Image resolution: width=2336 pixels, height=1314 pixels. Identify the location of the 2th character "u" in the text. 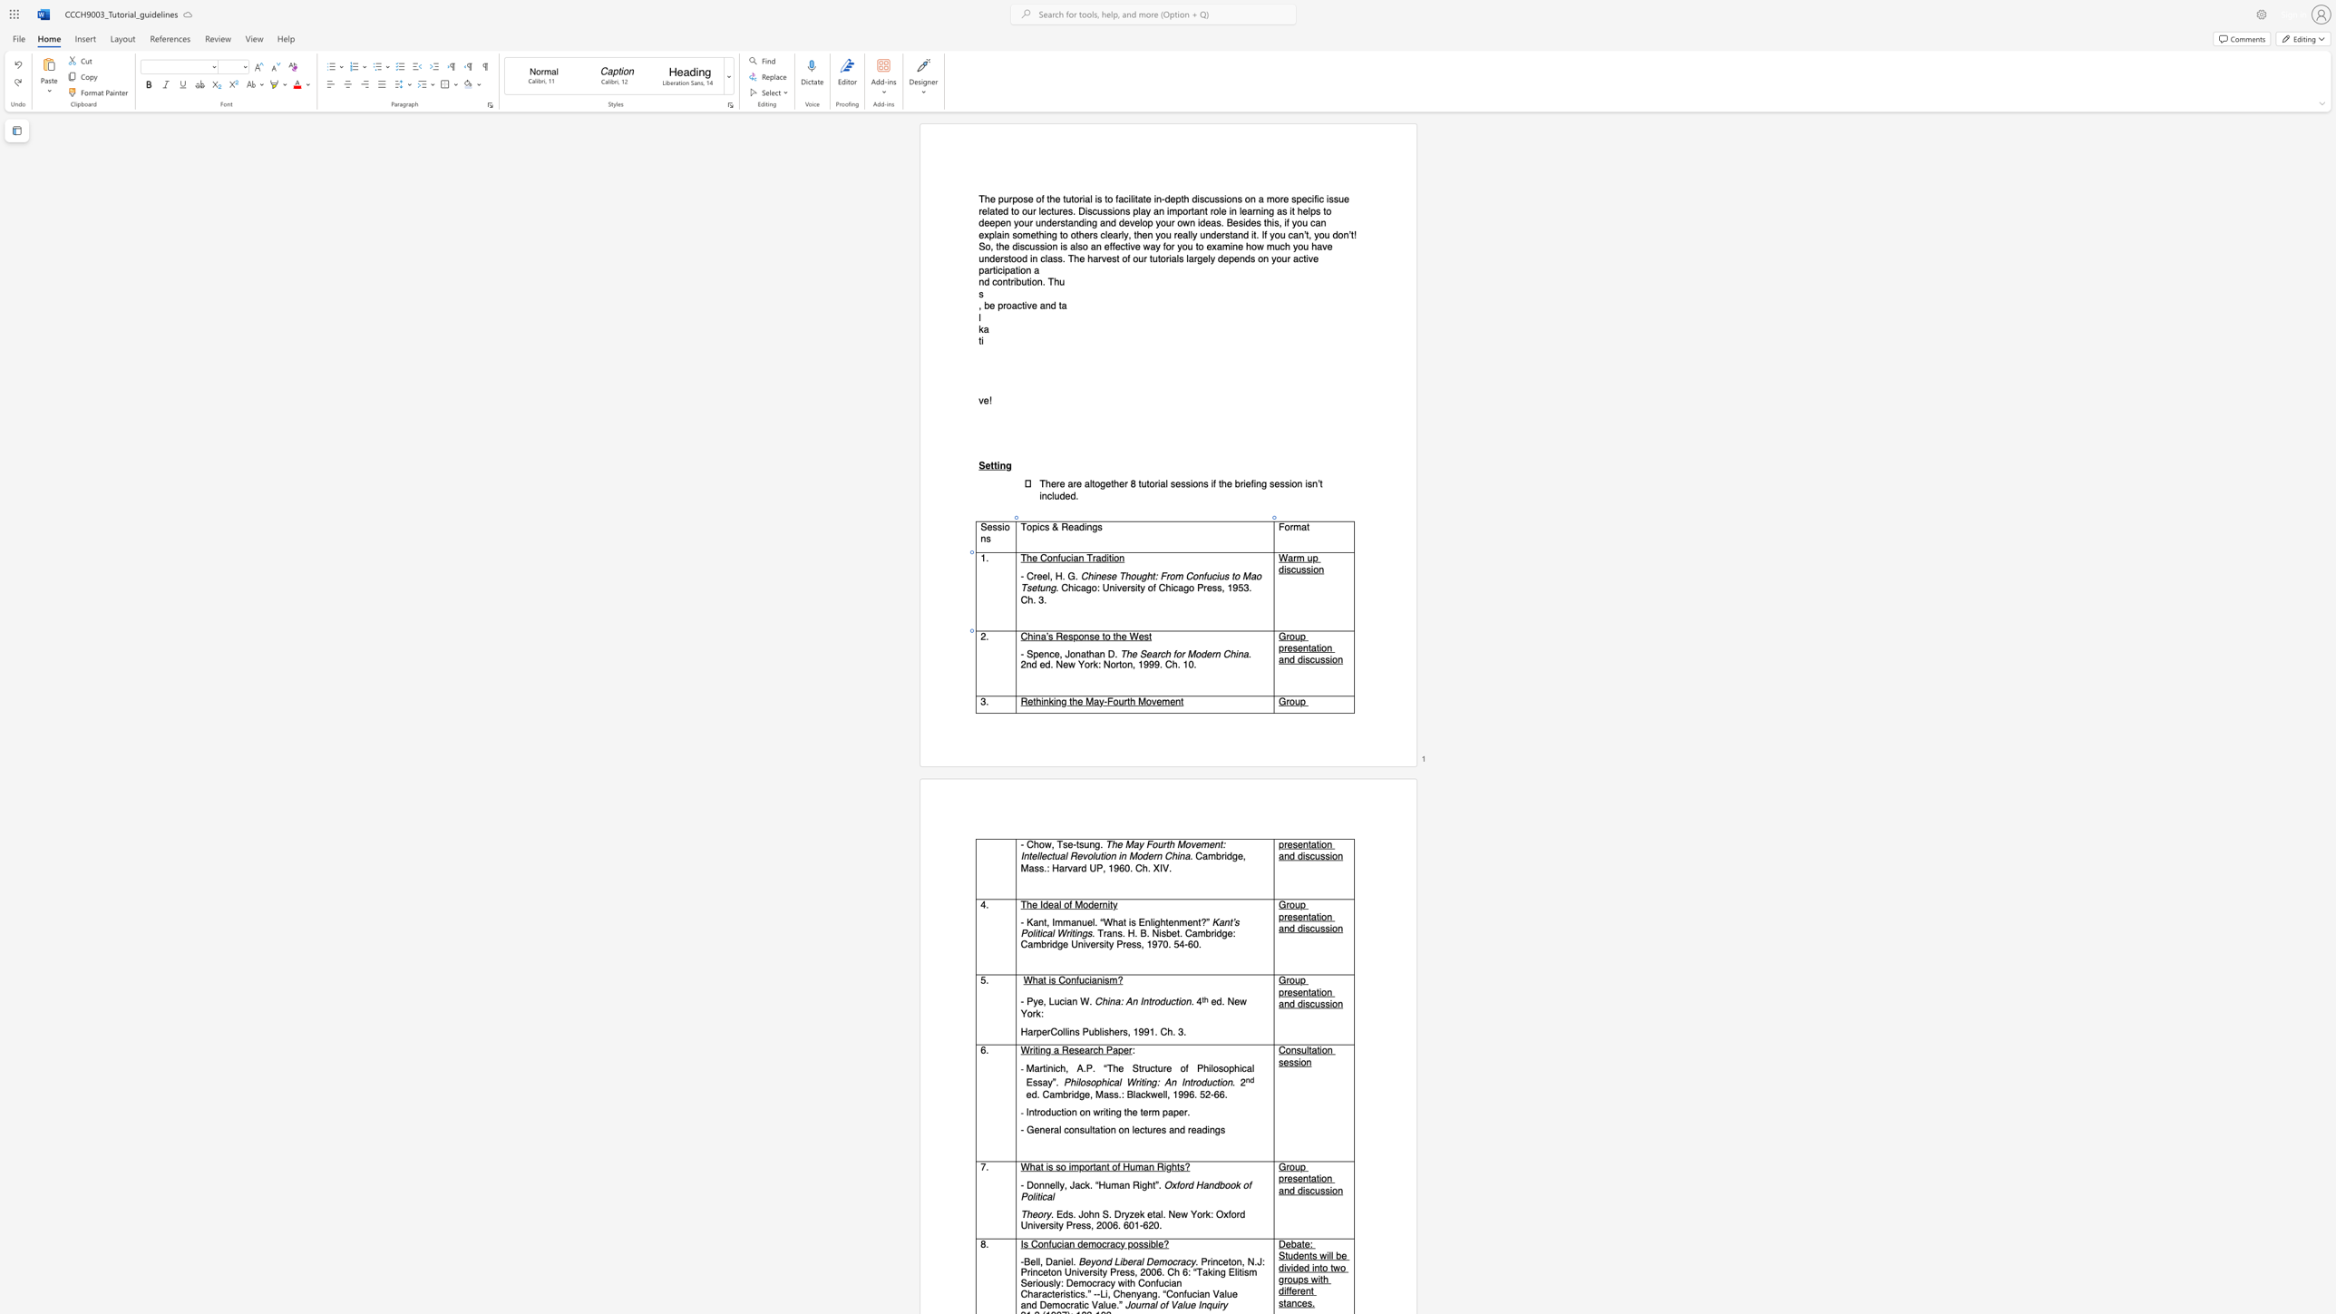
(1299, 569).